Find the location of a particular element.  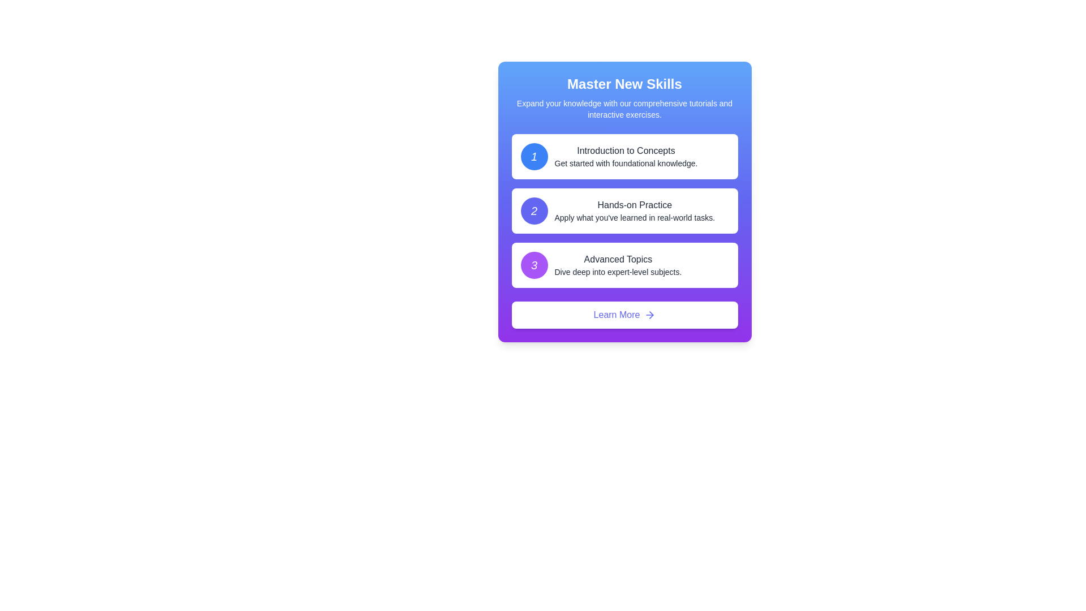

descriptive text located in the first card directly below the 'Introduction to Concepts' title, providing additional context for this section is located at coordinates (625, 163).